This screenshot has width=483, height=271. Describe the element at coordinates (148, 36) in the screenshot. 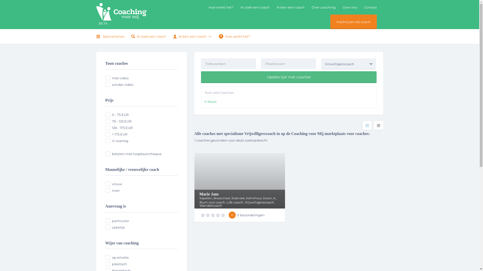

I see `'Ik zoek een coach'` at that location.